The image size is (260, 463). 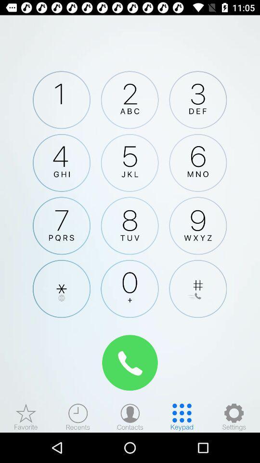 I want to click on tap 5, so click(x=130, y=163).